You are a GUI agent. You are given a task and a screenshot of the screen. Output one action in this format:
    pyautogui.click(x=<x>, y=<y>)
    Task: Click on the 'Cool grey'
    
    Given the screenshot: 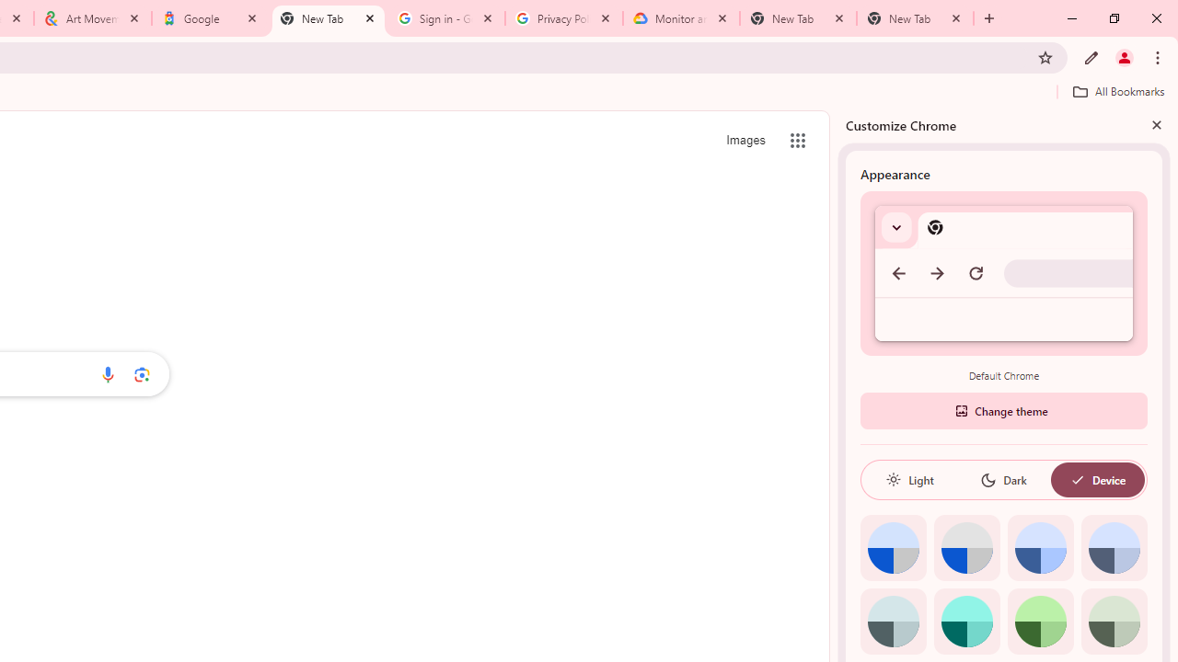 What is the action you would take?
    pyautogui.click(x=1113, y=547)
    